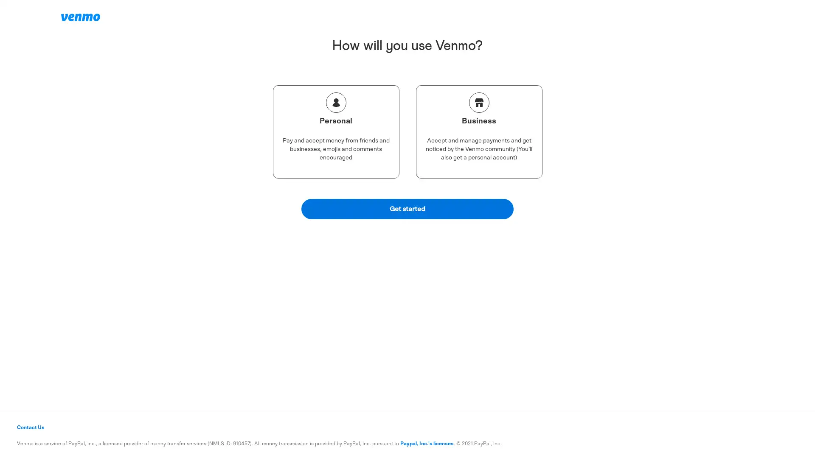  Describe the element at coordinates (407, 209) in the screenshot. I see `Get started` at that location.